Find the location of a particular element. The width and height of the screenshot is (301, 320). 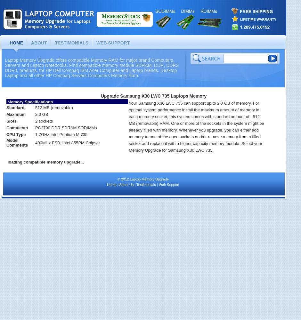

'About Us' is located at coordinates (118, 184).